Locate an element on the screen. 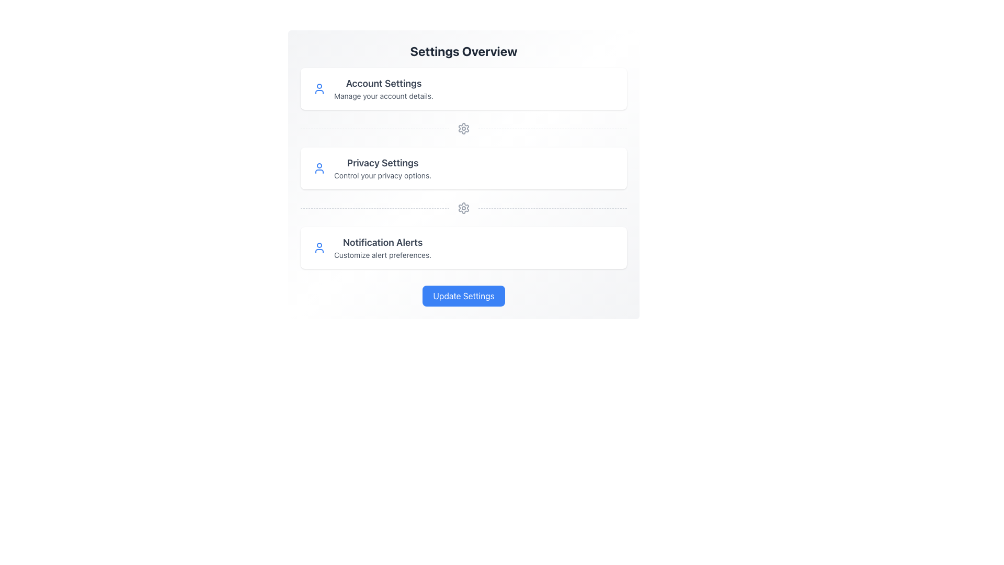 This screenshot has height=565, width=1004. the text label that reads 'Manage your account details.', which is styled in gray and located below the 'Account Settings' label in the 'Settings Overview' page is located at coordinates (383, 96).